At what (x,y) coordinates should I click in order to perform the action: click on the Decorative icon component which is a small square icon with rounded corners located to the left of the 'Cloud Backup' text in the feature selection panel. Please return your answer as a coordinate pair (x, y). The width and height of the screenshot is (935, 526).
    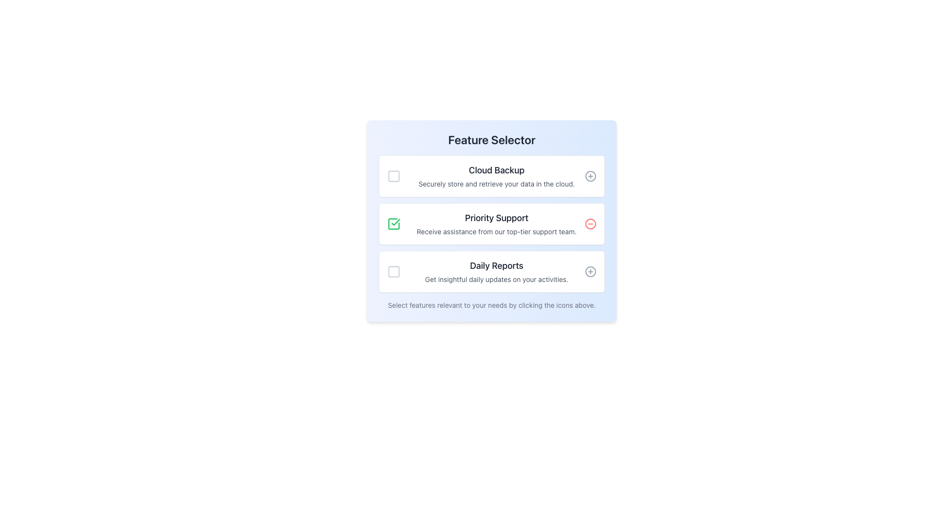
    Looking at the image, I should click on (394, 176).